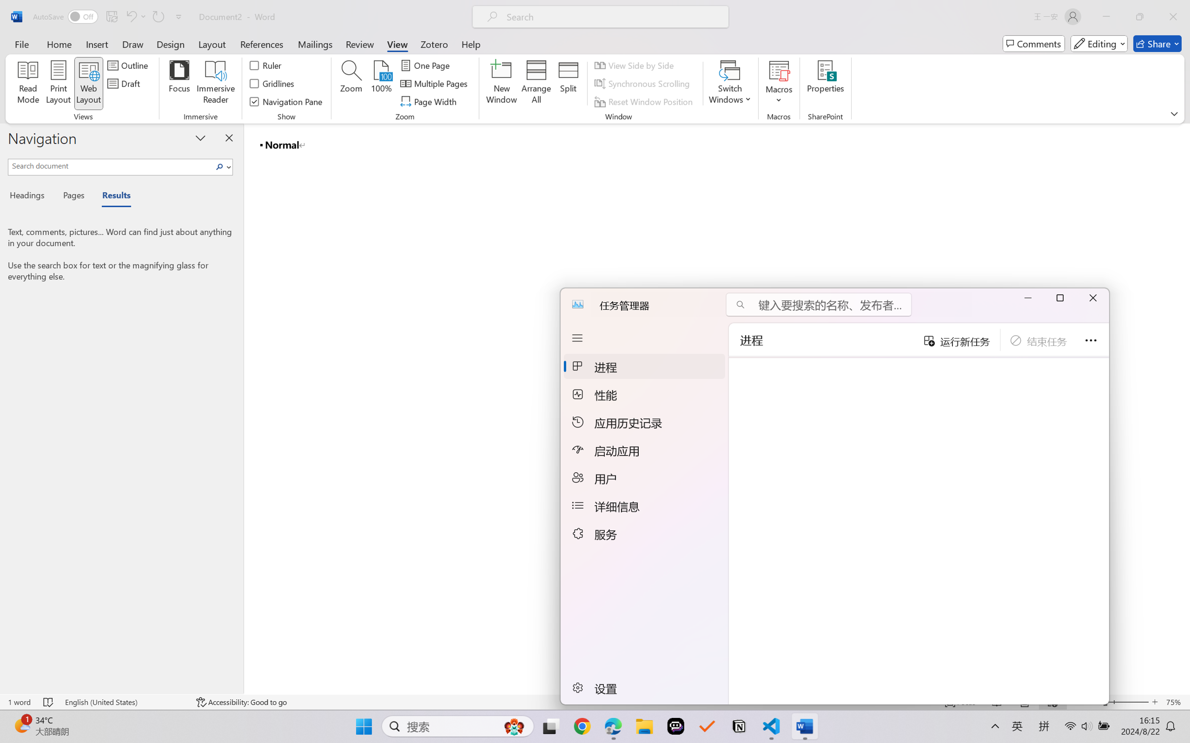 Image resolution: width=1190 pixels, height=743 pixels. I want to click on 'Spelling and Grammar Check No Errors', so click(48, 702).